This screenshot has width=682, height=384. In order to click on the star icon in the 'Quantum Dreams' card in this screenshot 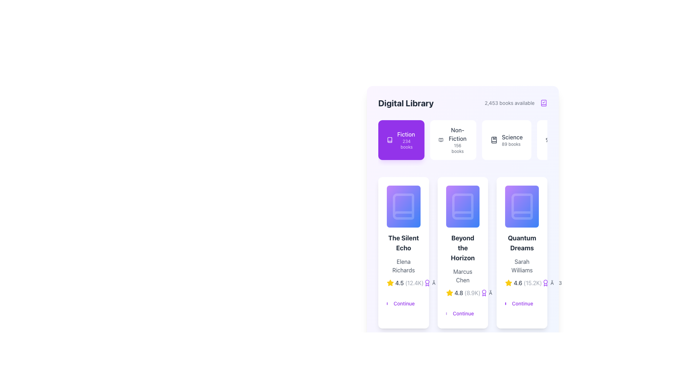, I will do `click(522, 252)`.